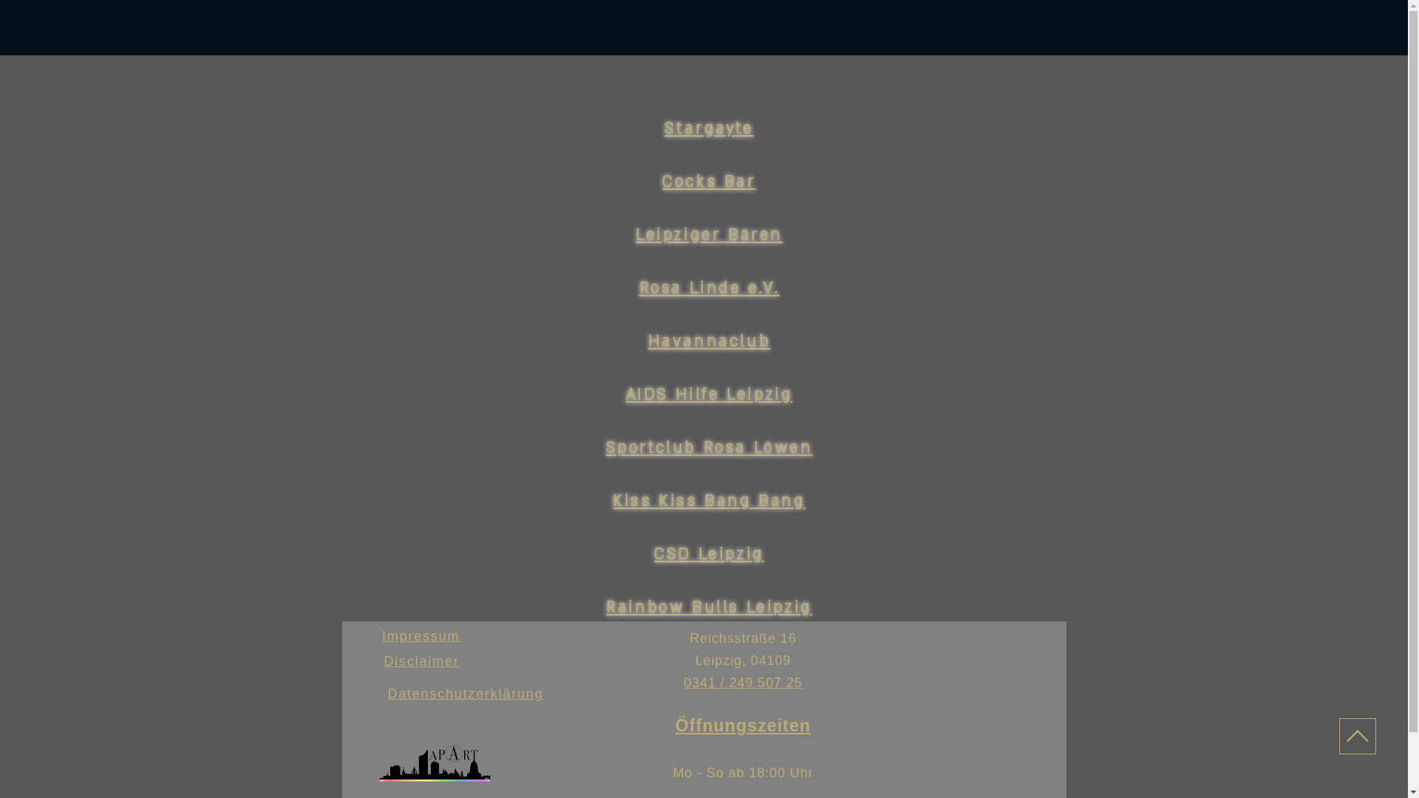  Describe the element at coordinates (709, 394) in the screenshot. I see `'AIDS Hilfe Leipzig'` at that location.